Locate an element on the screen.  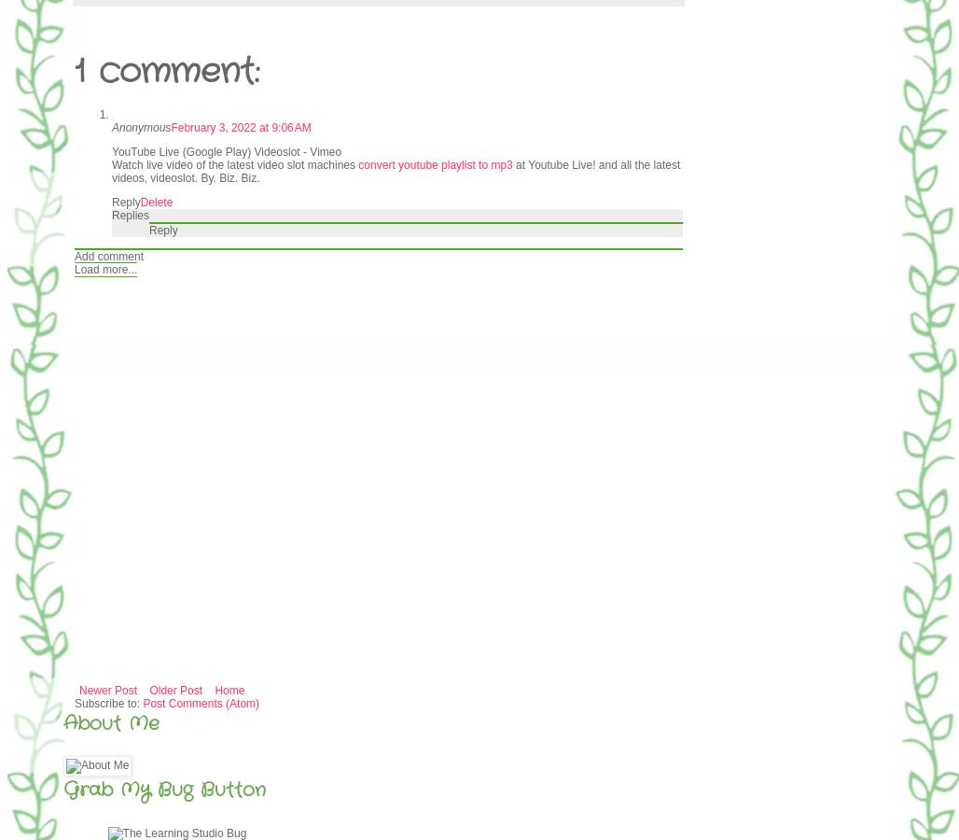
'Replies' is located at coordinates (131, 214).